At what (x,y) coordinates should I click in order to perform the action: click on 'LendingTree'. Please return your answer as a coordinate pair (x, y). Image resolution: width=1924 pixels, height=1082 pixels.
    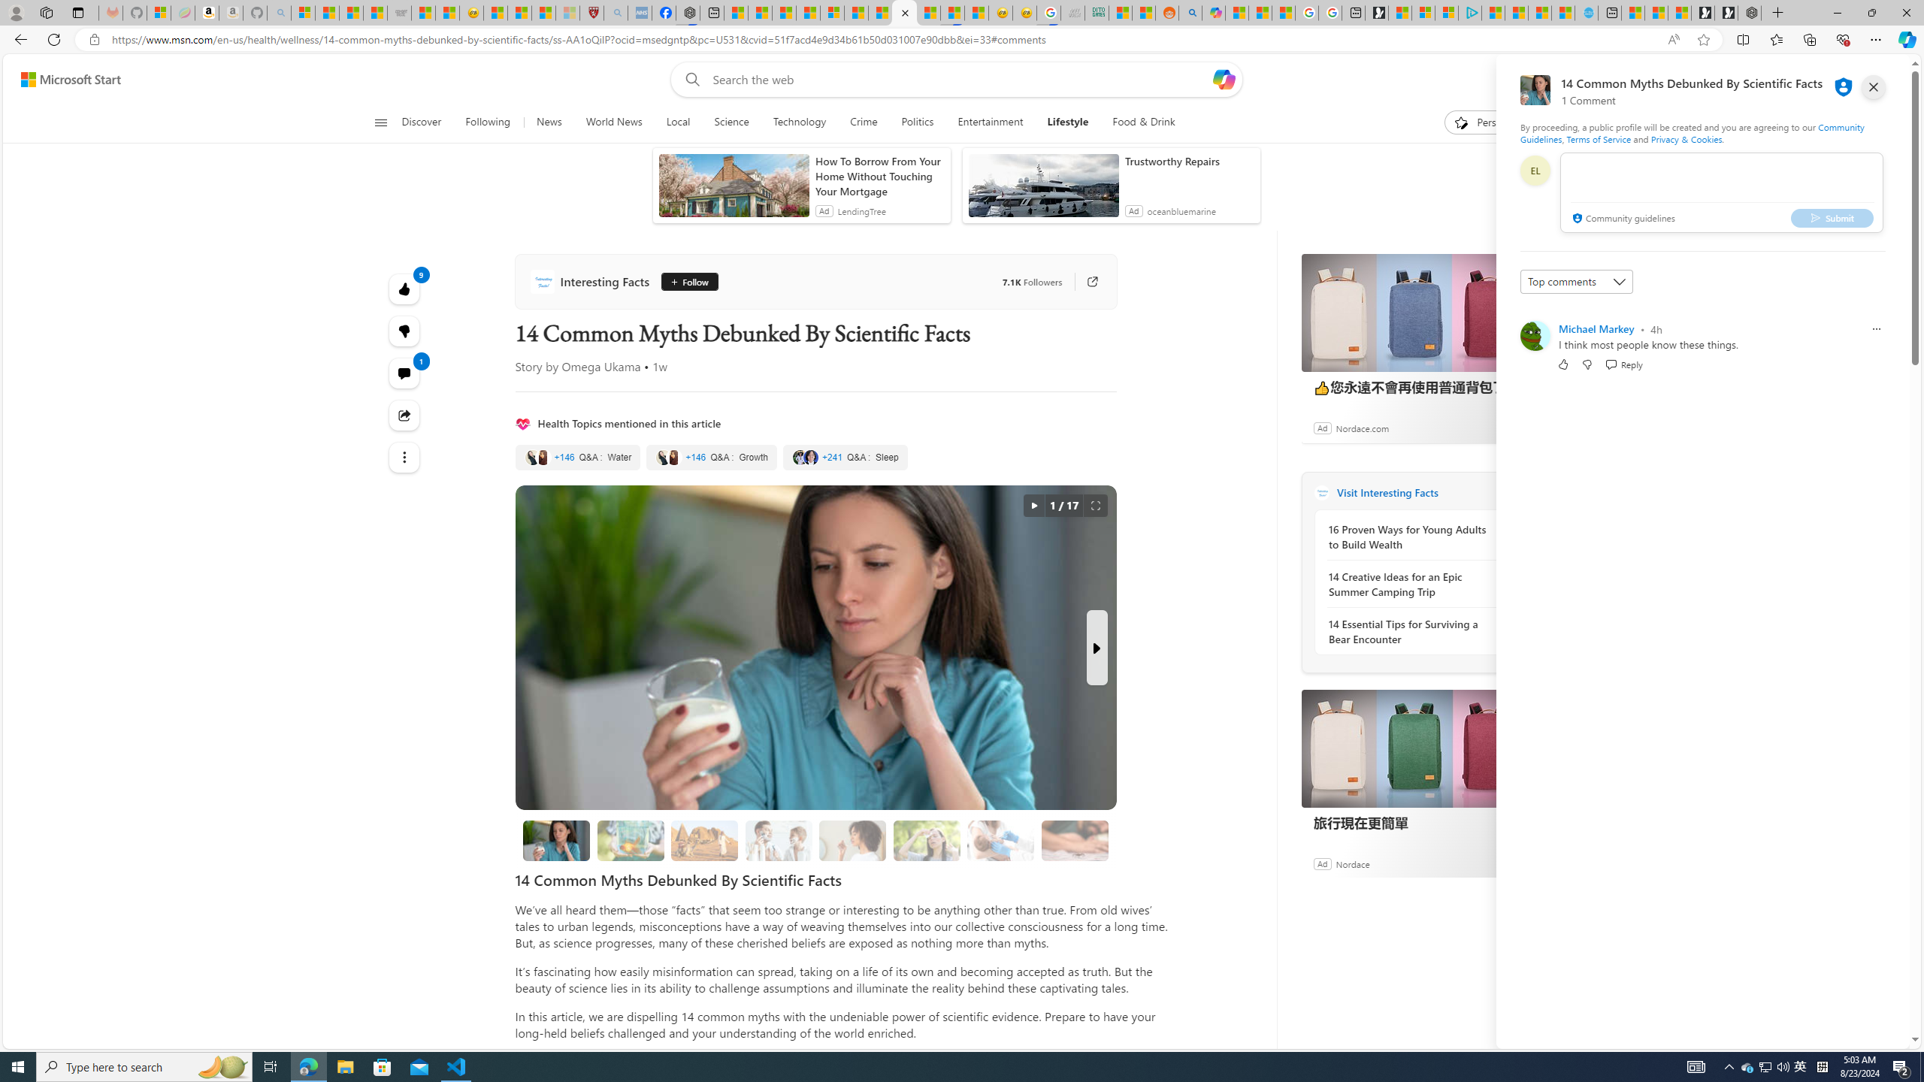
    Looking at the image, I should click on (861, 210).